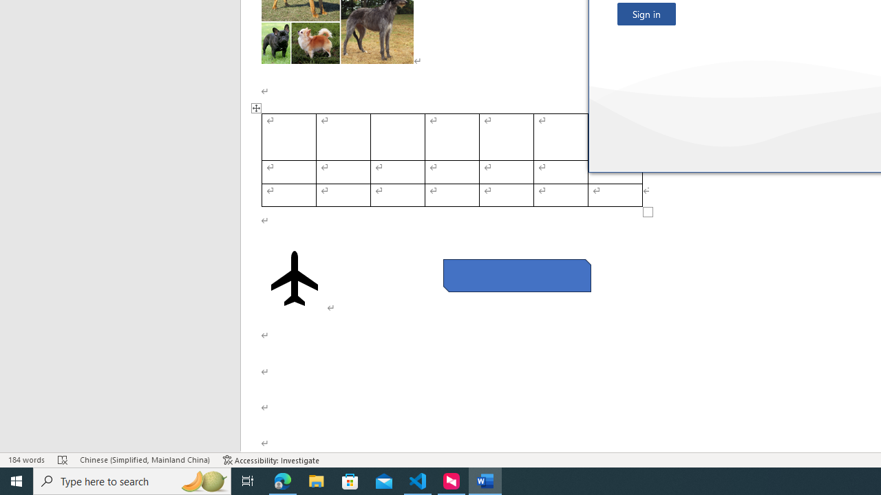 The image size is (881, 495). Describe the element at coordinates (26, 460) in the screenshot. I see `'Word Count 184 words'` at that location.